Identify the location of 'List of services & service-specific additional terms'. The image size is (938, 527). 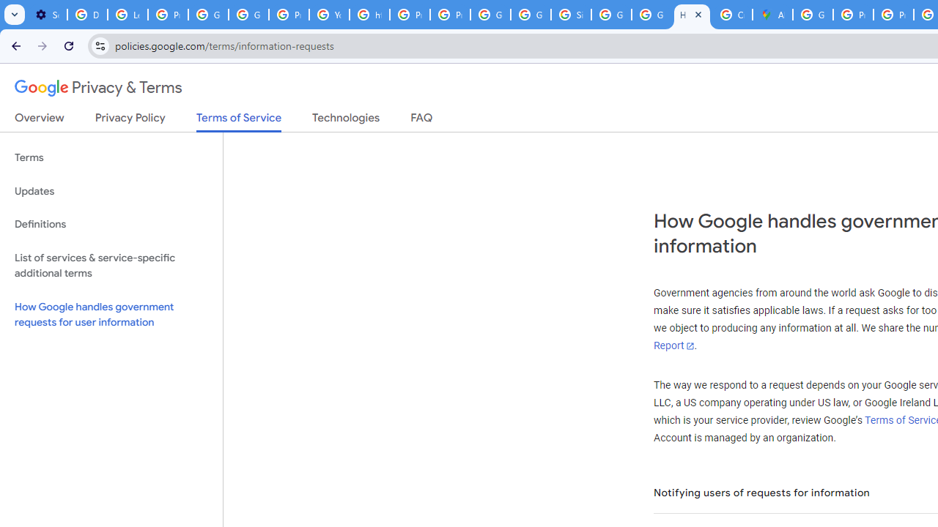
(111, 265).